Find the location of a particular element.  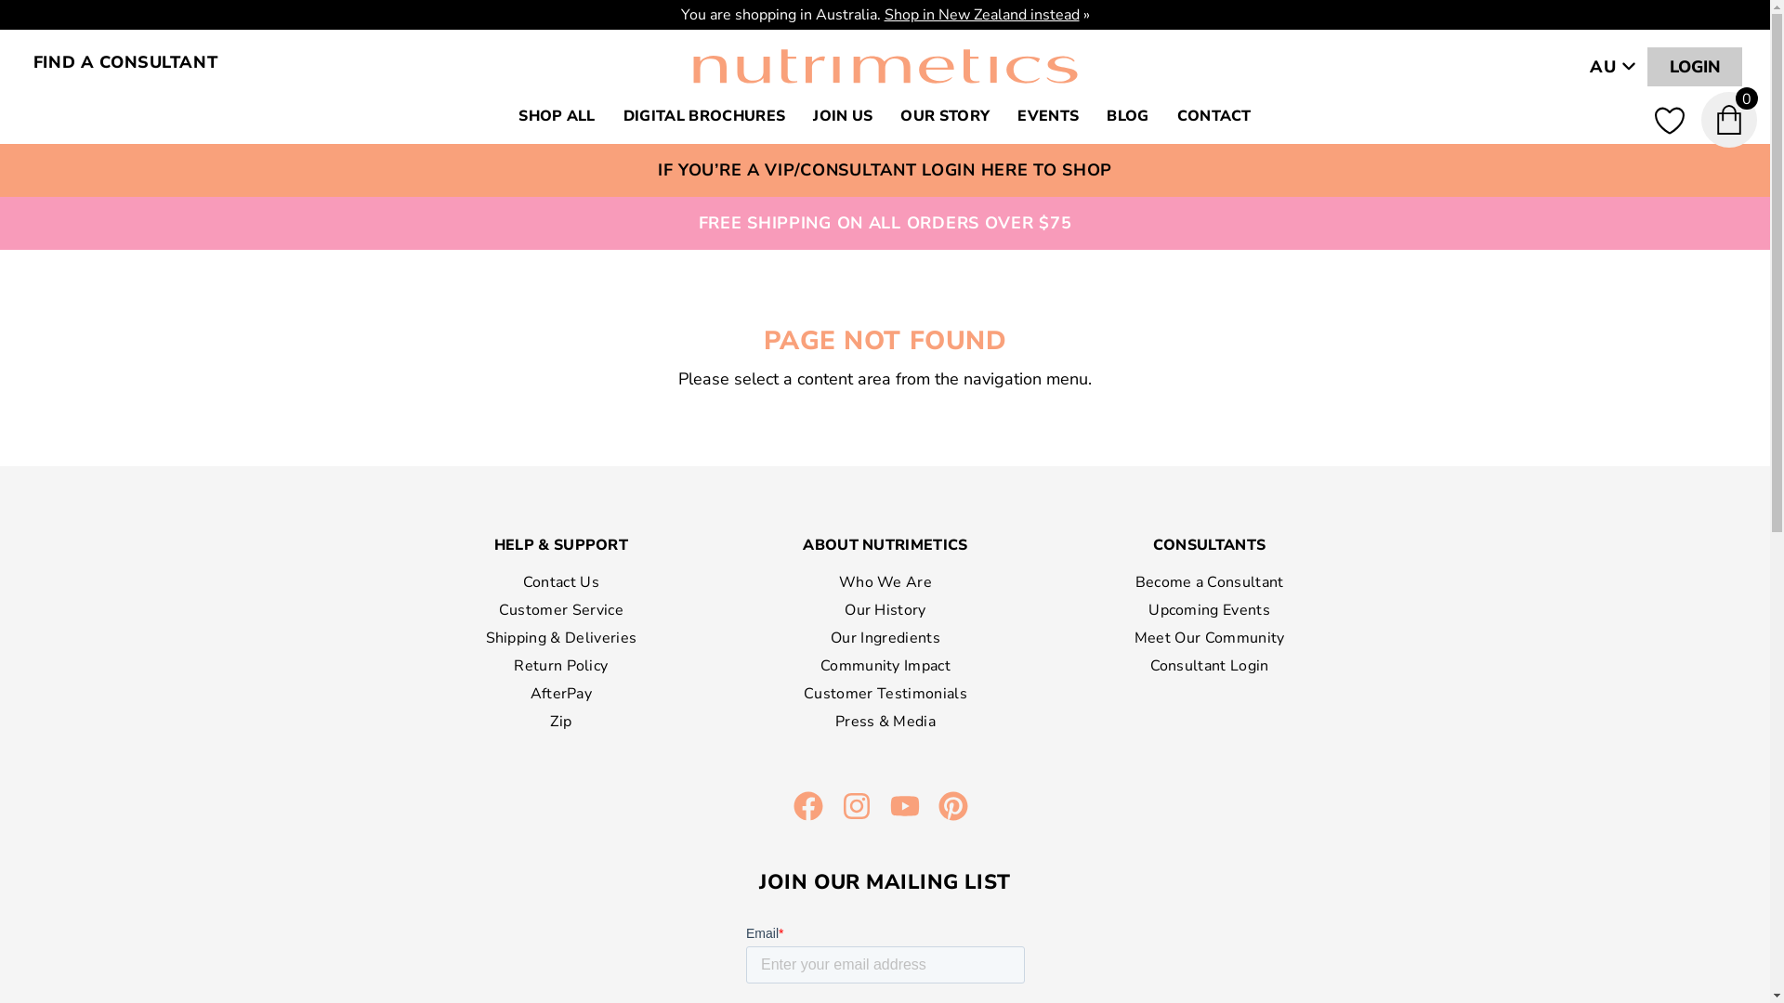

'Zip' is located at coordinates (559, 720).